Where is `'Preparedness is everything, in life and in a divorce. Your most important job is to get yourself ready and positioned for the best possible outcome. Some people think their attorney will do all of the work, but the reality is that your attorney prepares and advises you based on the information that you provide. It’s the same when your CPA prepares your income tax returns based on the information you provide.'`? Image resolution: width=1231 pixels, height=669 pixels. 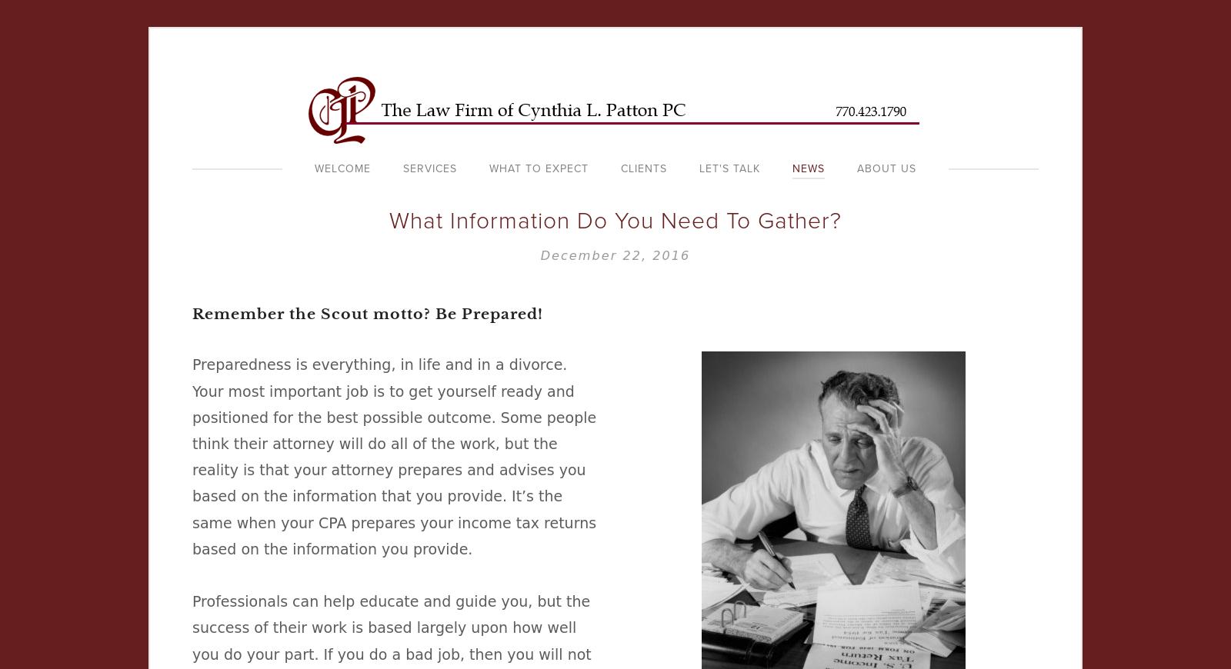
'Preparedness is everything, in life and in a divorce. Your most important job is to get yourself ready and positioned for the best possible outcome. Some people think their attorney will do all of the work, but the reality is that your attorney prepares and advises you based on the information that you provide. It’s the same when your CPA prepares your income tax returns based on the information you provide.' is located at coordinates (393, 455).